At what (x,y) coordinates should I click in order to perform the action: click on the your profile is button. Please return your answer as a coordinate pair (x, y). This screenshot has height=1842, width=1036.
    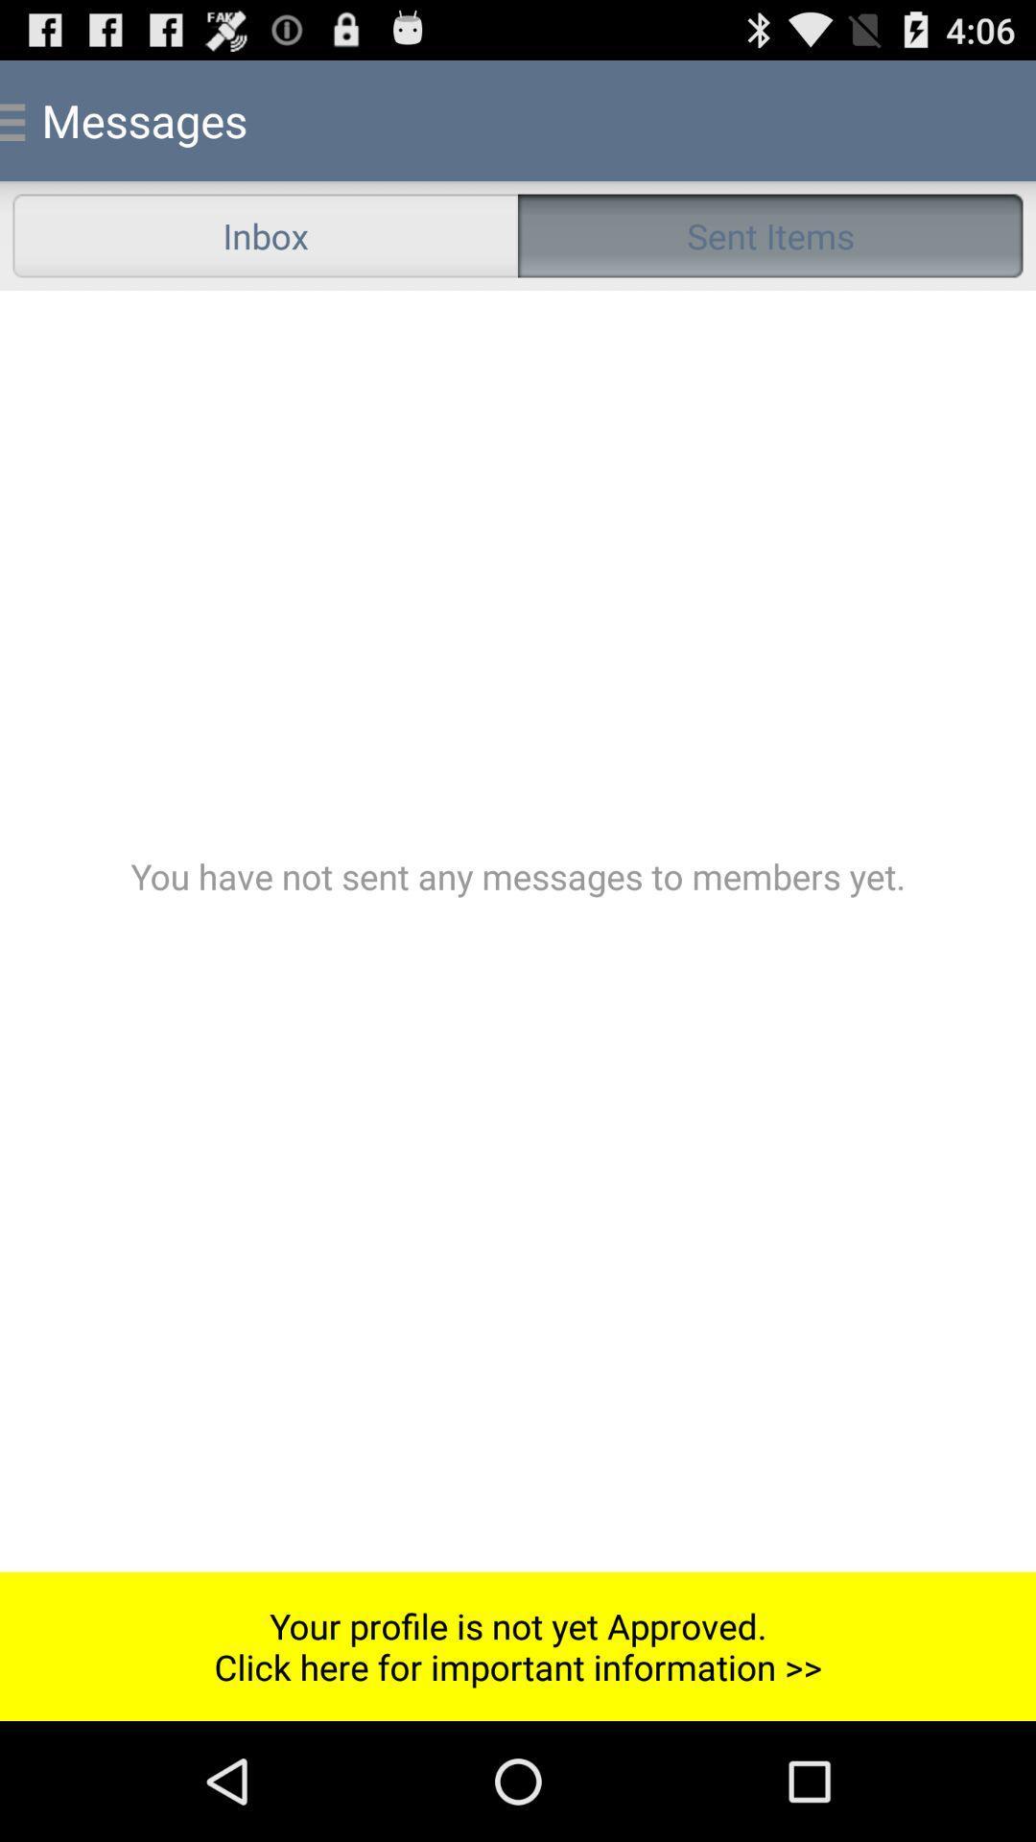
    Looking at the image, I should click on (518, 1645).